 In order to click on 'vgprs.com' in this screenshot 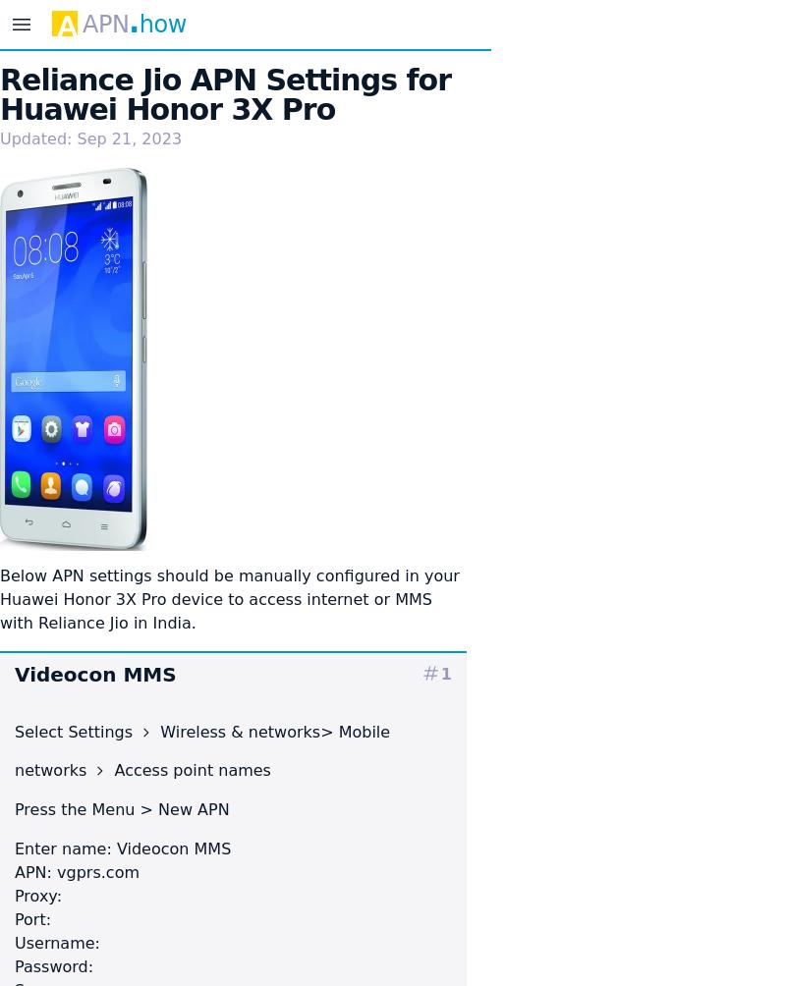, I will do `click(98, 870)`.